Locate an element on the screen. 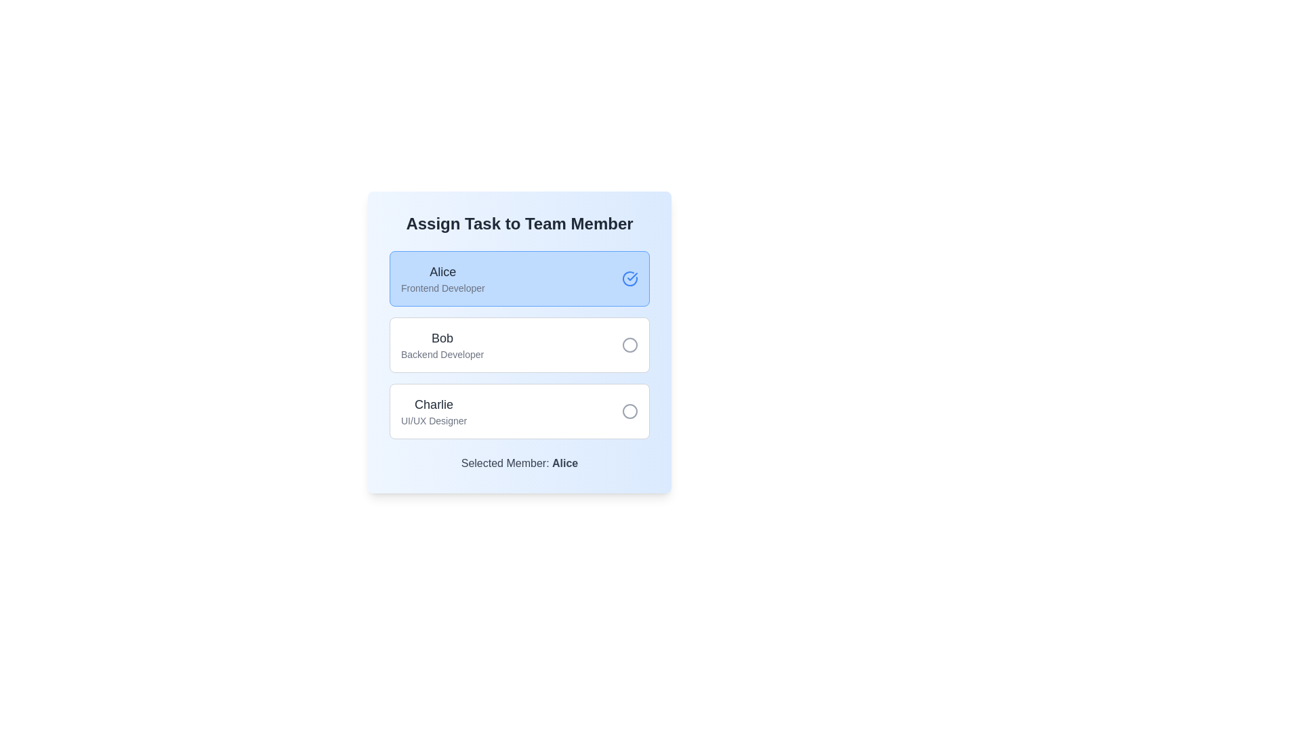 Image resolution: width=1301 pixels, height=731 pixels. the text display component showing 'Alice' and 'Frontend Developer' is located at coordinates (442, 278).